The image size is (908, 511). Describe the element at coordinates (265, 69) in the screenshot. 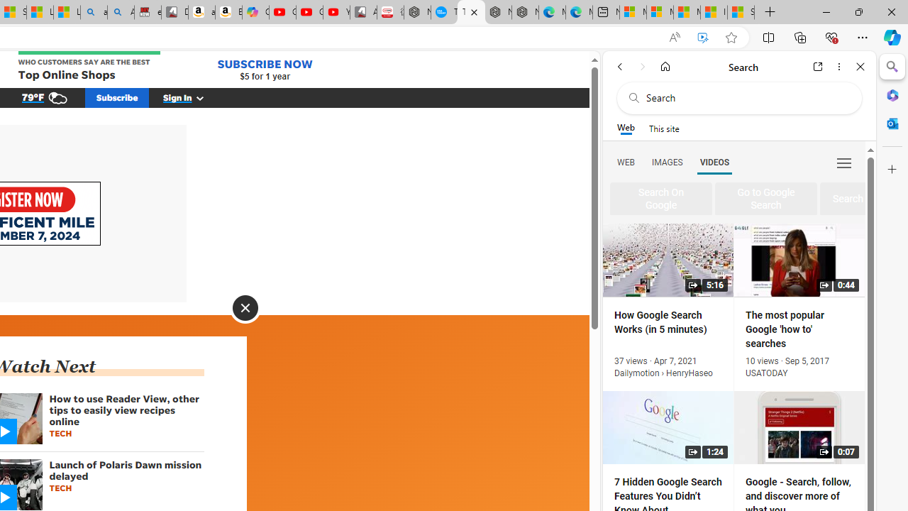

I see `'SUBSCRIBE NOW $5 for 1 year'` at that location.